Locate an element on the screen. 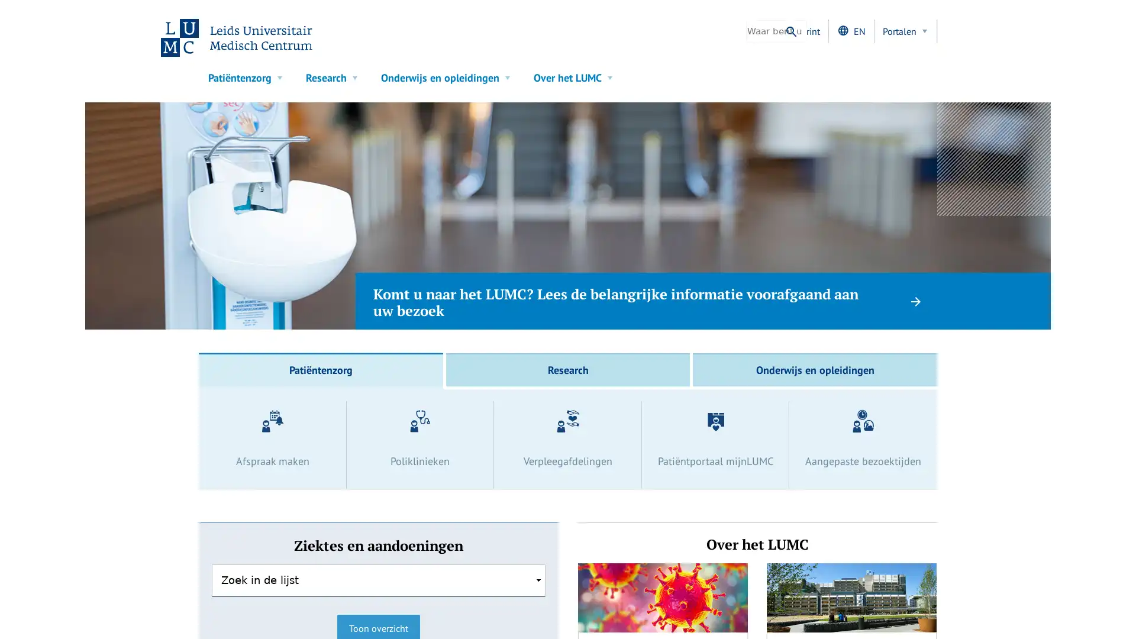 The width and height of the screenshot is (1136, 639). Portalen is located at coordinates (905, 31).